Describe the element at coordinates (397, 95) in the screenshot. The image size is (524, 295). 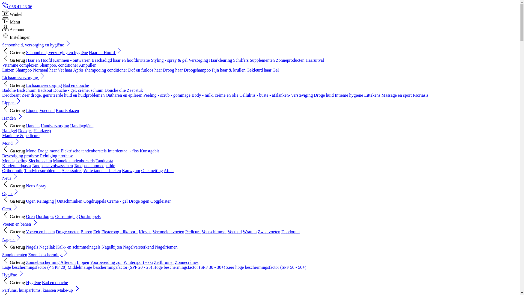
I see `'Massage en sport'` at that location.